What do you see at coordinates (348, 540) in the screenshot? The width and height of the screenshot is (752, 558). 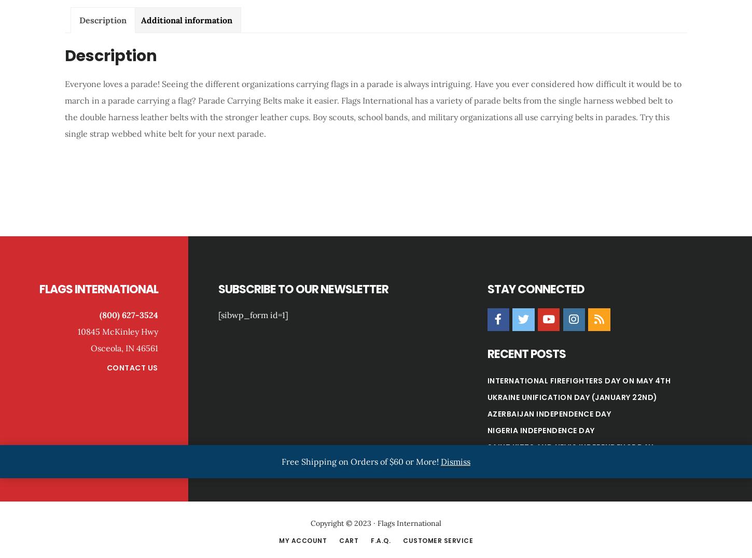 I see `'Cart'` at bounding box center [348, 540].